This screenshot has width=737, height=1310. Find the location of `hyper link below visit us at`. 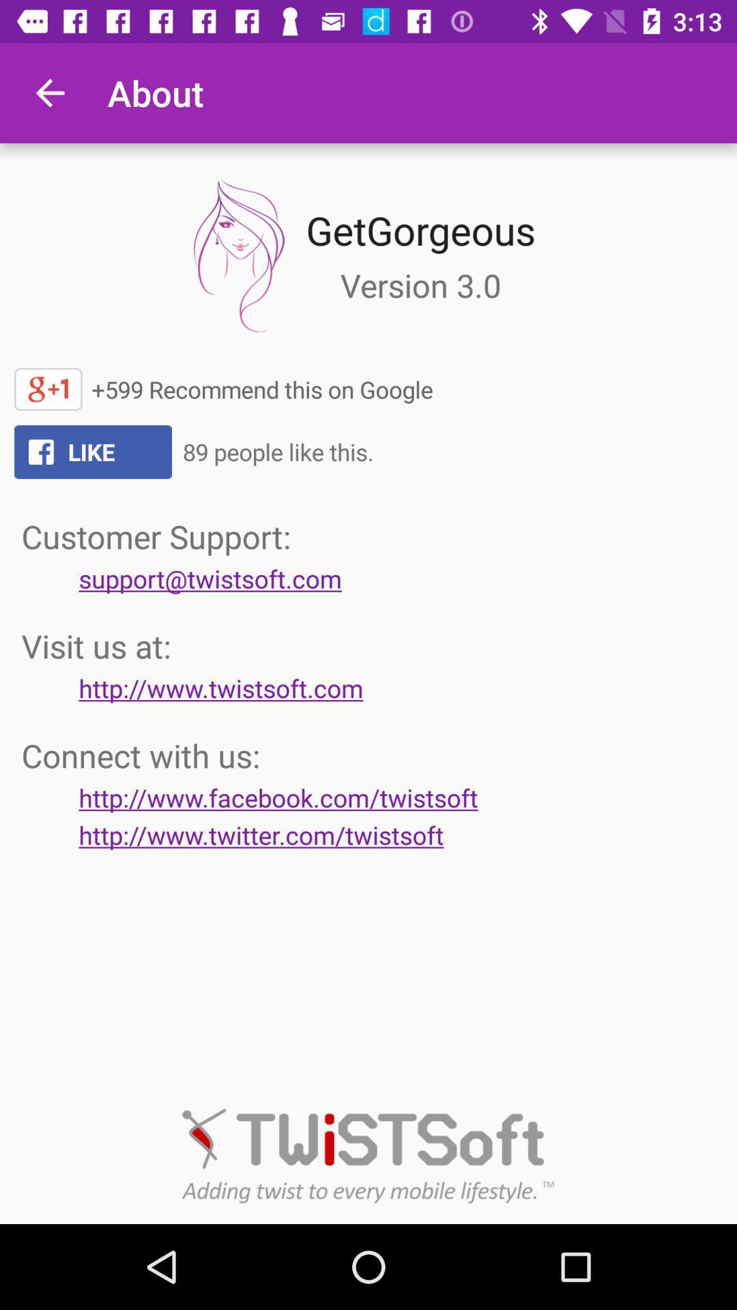

hyper link below visit us at is located at coordinates (220, 688).